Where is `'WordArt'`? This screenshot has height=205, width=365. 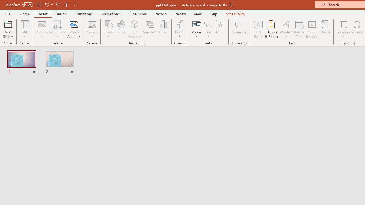 'WordArt' is located at coordinates (286, 29).